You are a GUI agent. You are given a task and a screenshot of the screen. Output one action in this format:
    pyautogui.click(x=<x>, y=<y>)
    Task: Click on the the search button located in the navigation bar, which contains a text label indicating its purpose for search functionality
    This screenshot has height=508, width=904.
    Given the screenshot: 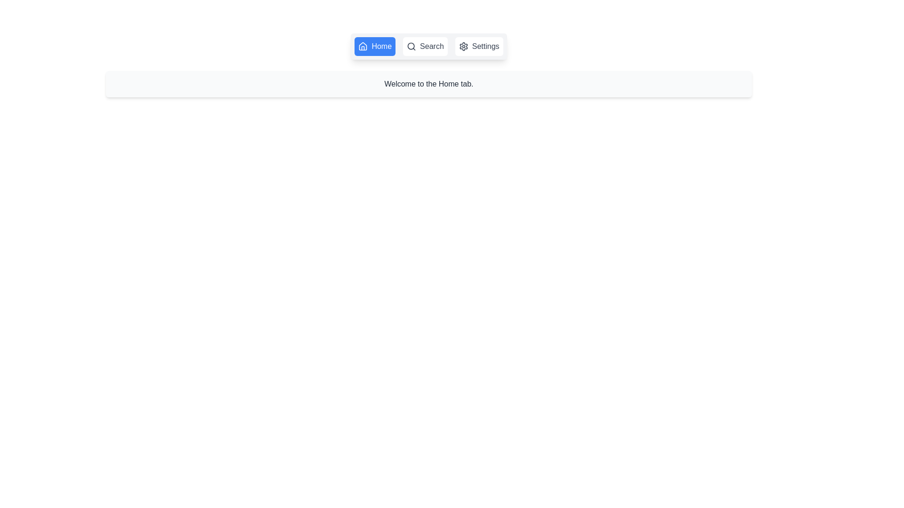 What is the action you would take?
    pyautogui.click(x=431, y=47)
    